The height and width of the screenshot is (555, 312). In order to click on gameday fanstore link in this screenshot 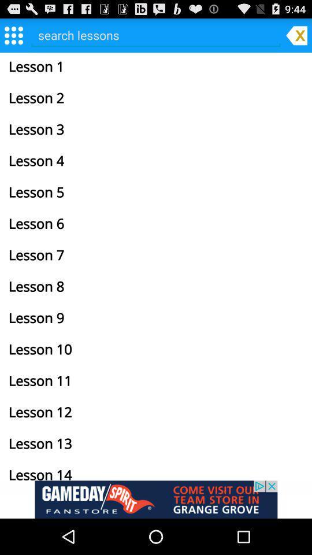, I will do `click(156, 499)`.